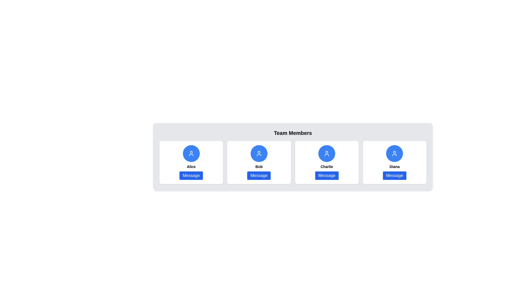 This screenshot has height=284, width=506. Describe the element at coordinates (395, 162) in the screenshot. I see `the 'Message' button on the user card representing 'Diana' located in the fourth position of a 4-column grid layout` at that location.